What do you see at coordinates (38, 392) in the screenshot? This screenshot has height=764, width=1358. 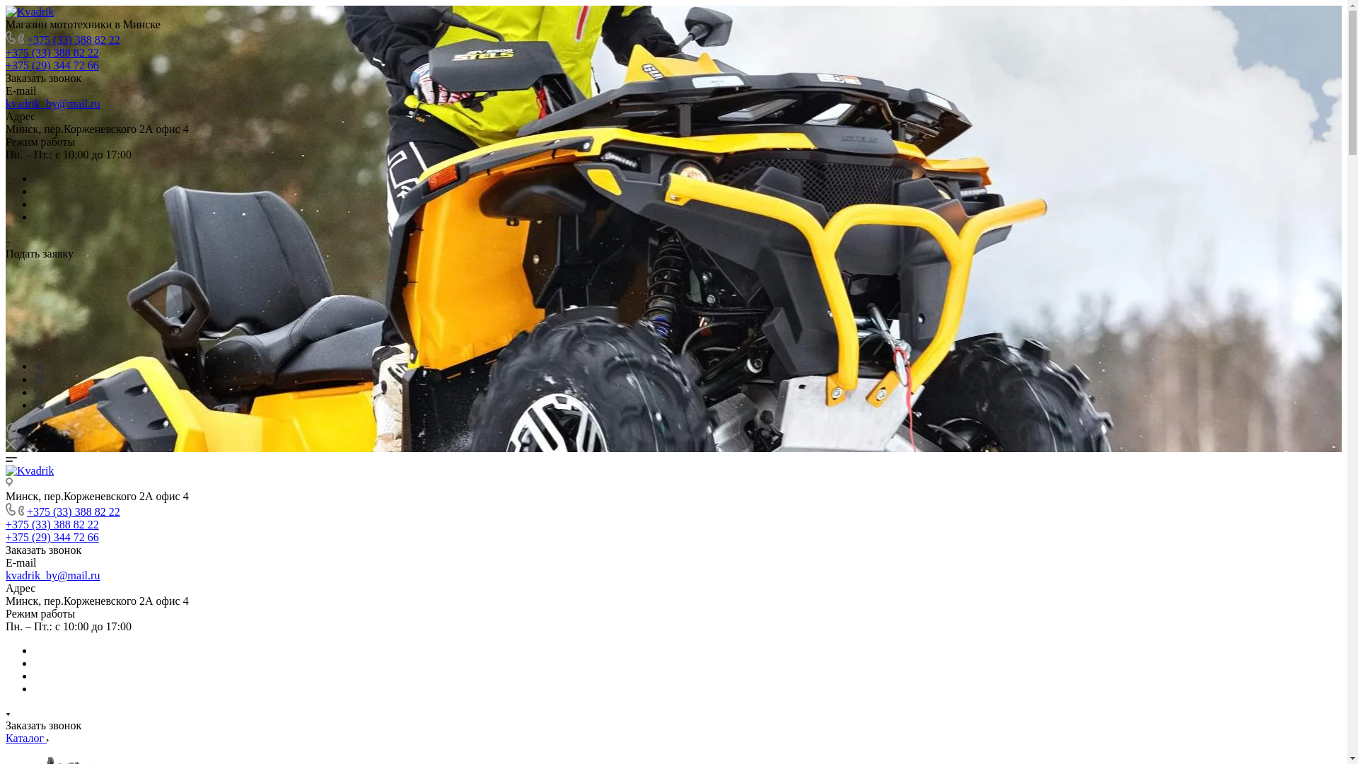 I see `'Viber'` at bounding box center [38, 392].